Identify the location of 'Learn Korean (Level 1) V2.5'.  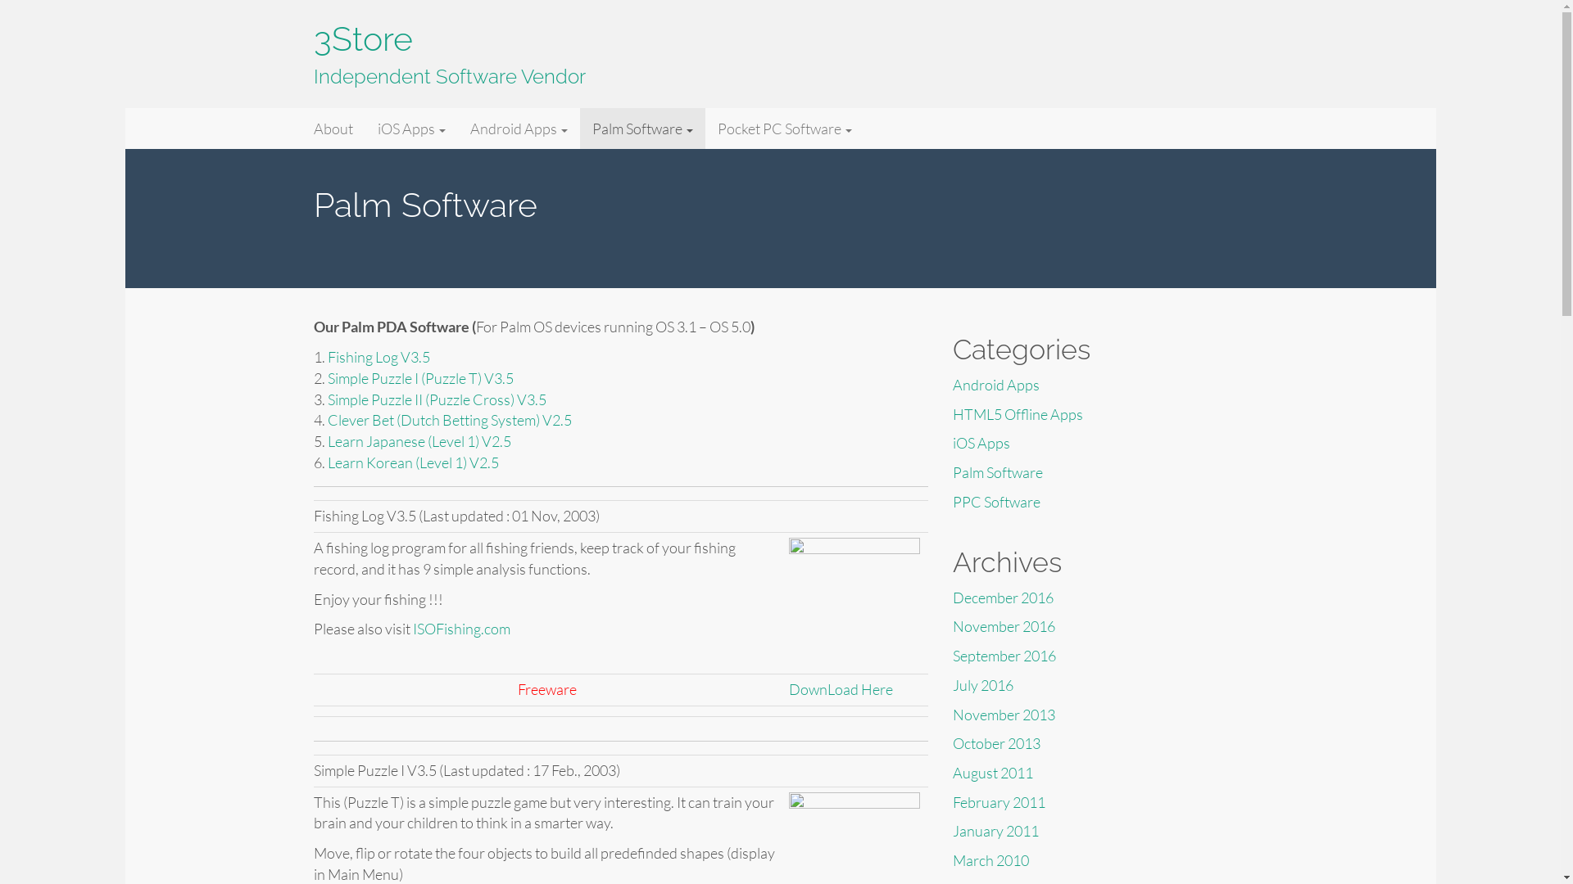
(413, 462).